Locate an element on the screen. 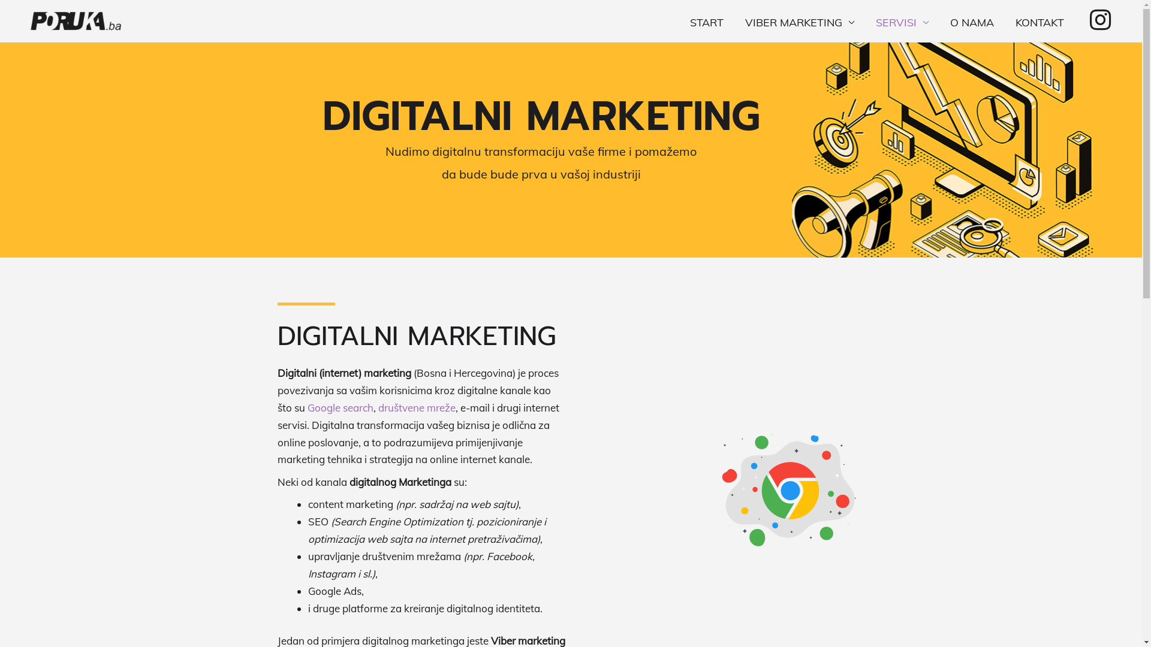 This screenshot has height=647, width=1151. 'START' is located at coordinates (706, 22).